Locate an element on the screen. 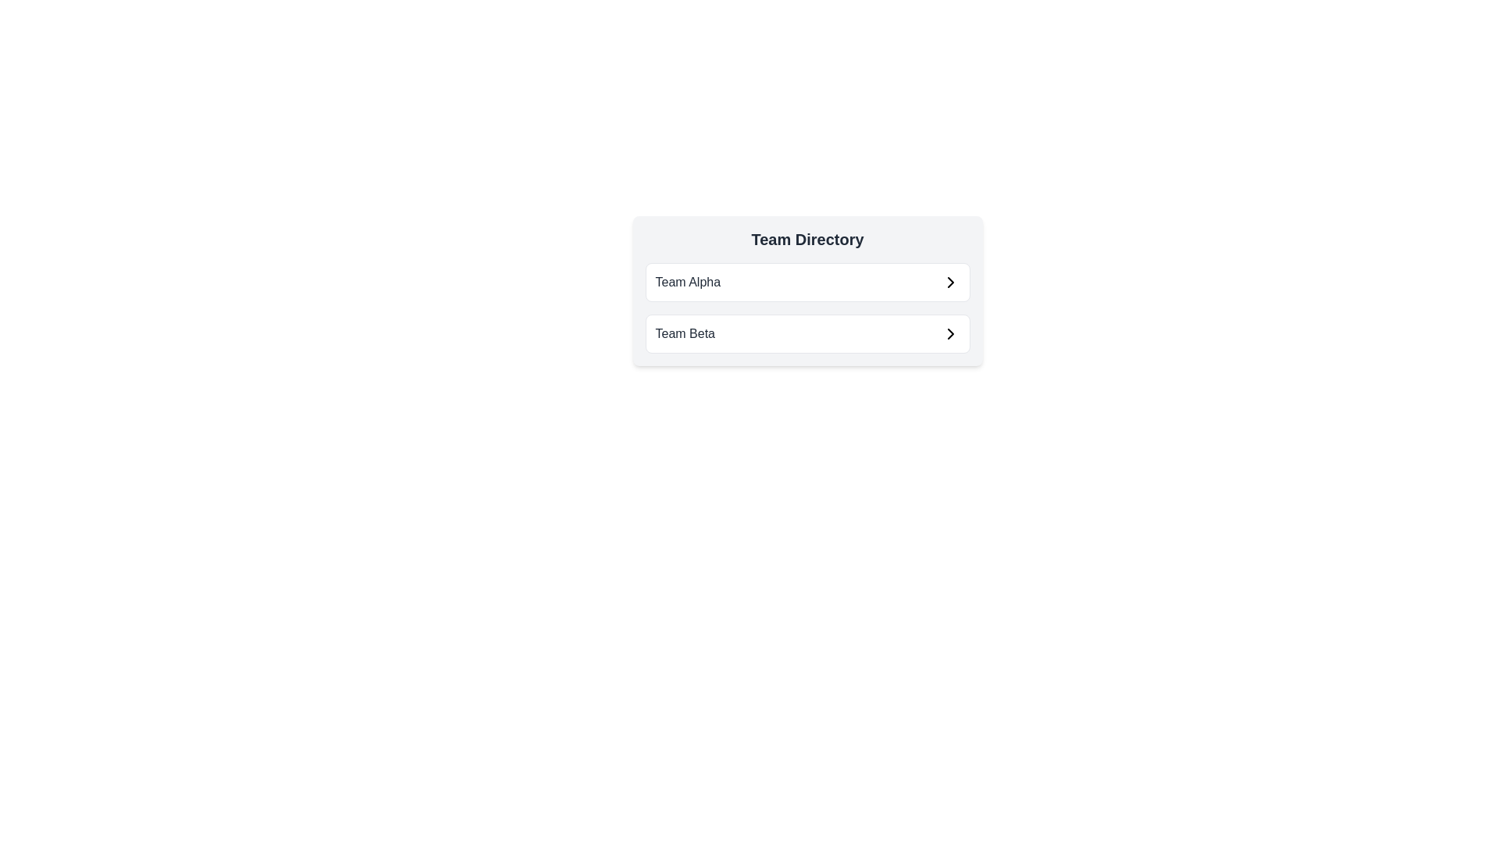 Image resolution: width=1499 pixels, height=843 pixels. the Chevron icon located to the far right of the 'Team Beta' row within the 'Team Directory' card is located at coordinates (949, 333).